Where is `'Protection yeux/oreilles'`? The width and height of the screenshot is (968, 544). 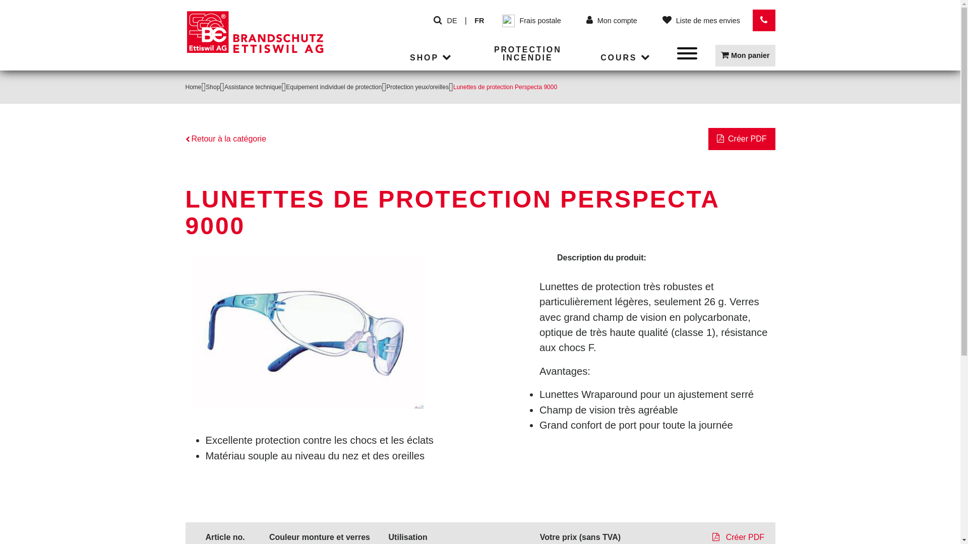
'Protection yeux/oreilles' is located at coordinates (386, 87).